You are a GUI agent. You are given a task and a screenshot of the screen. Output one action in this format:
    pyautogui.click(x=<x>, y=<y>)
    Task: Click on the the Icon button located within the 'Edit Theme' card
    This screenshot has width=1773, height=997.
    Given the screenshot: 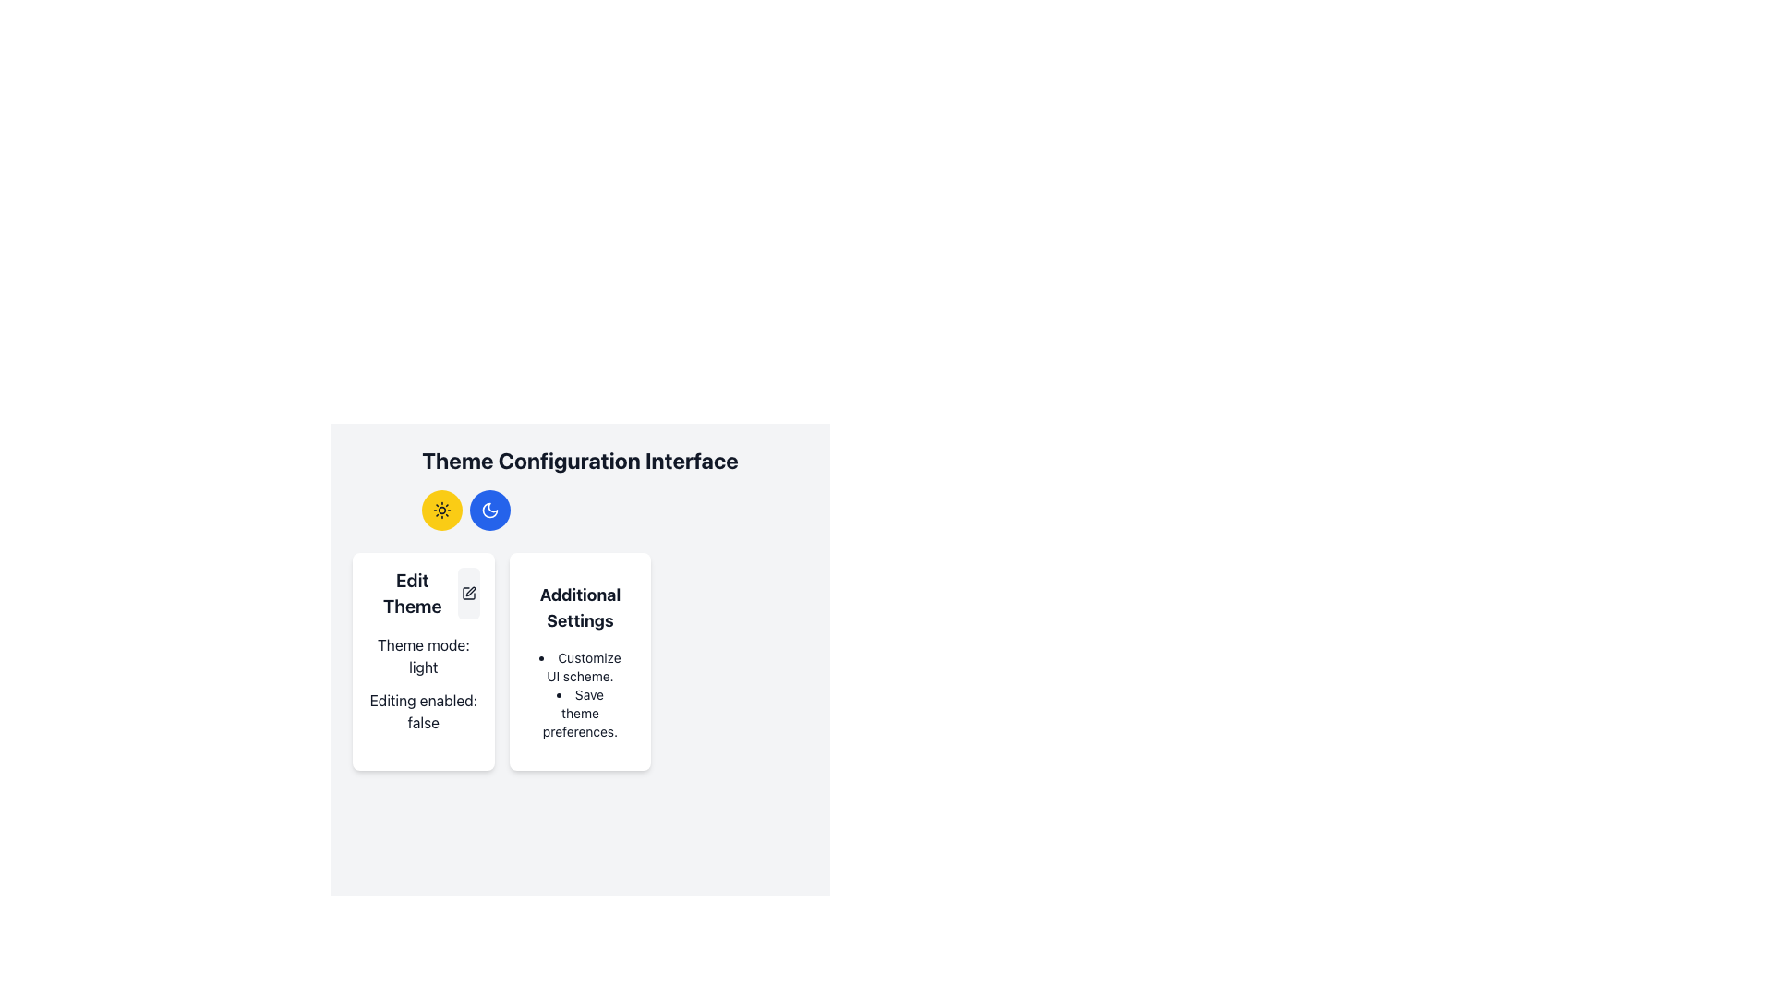 What is the action you would take?
    pyautogui.click(x=468, y=594)
    